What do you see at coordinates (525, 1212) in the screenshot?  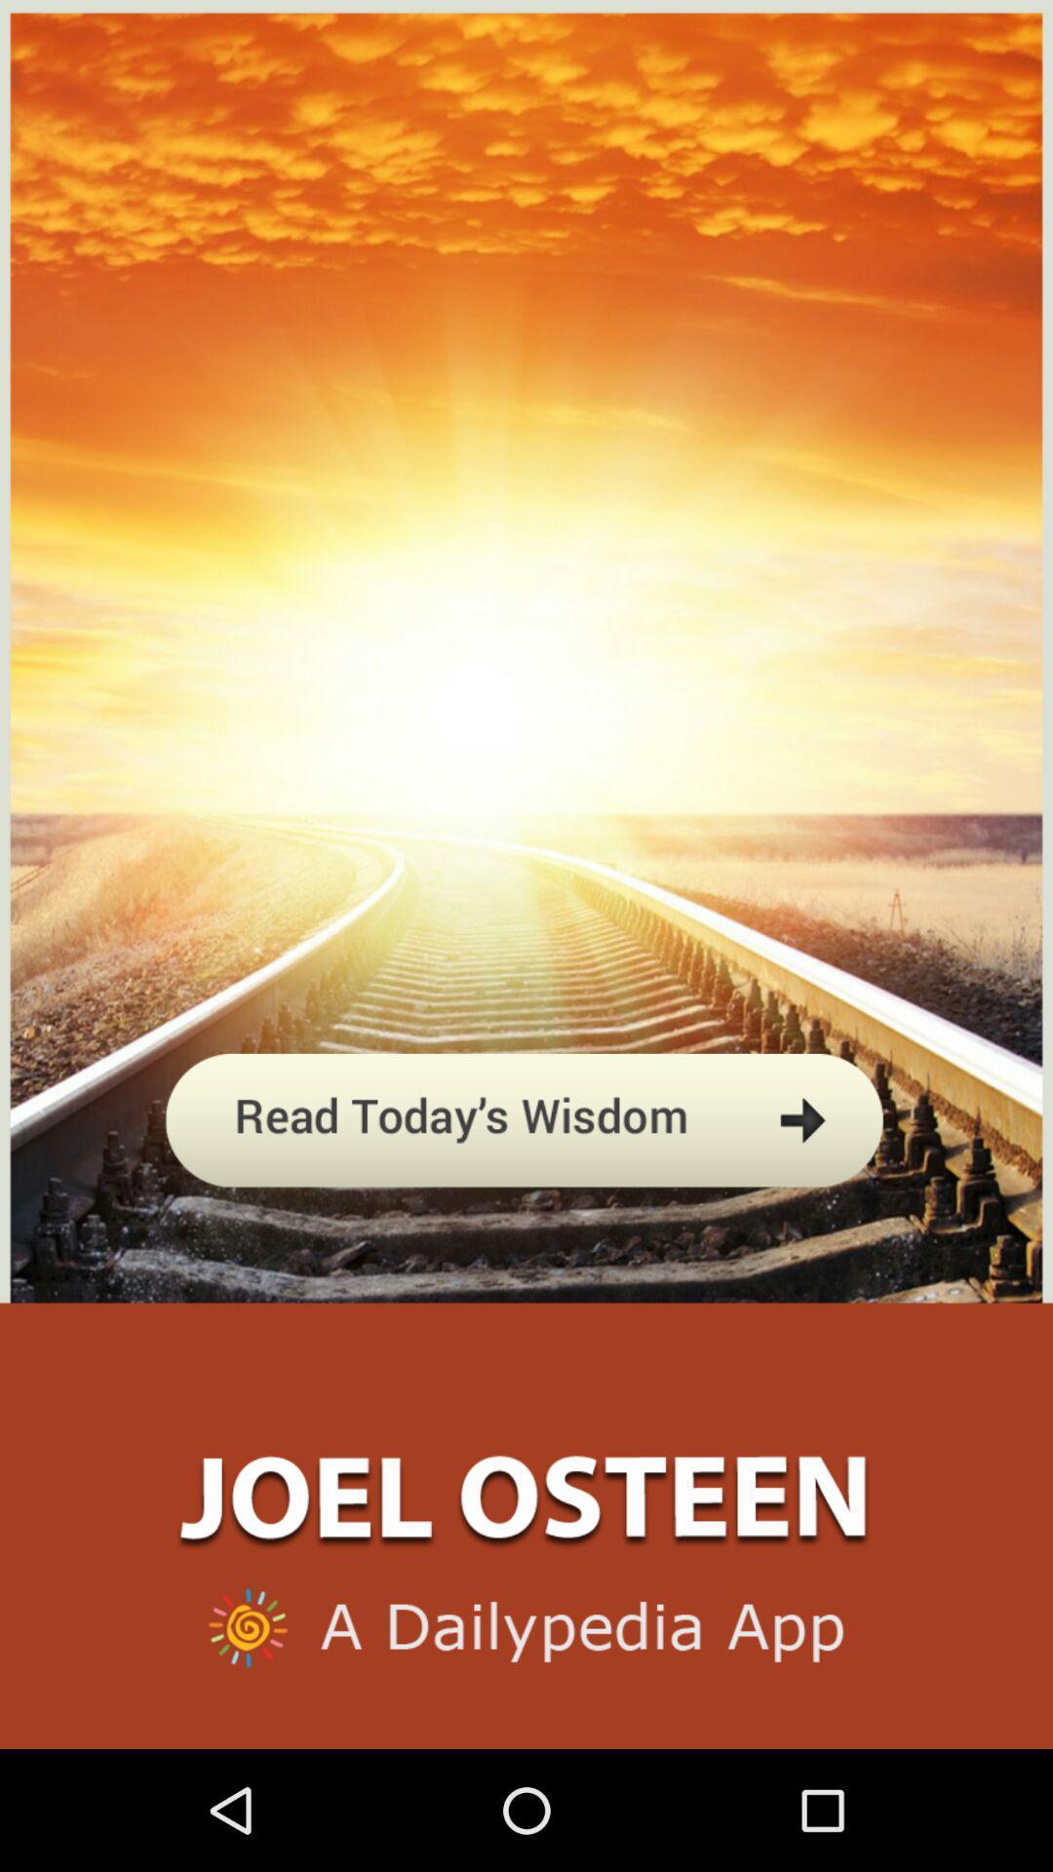 I see `read today 's wisdom button` at bounding box center [525, 1212].